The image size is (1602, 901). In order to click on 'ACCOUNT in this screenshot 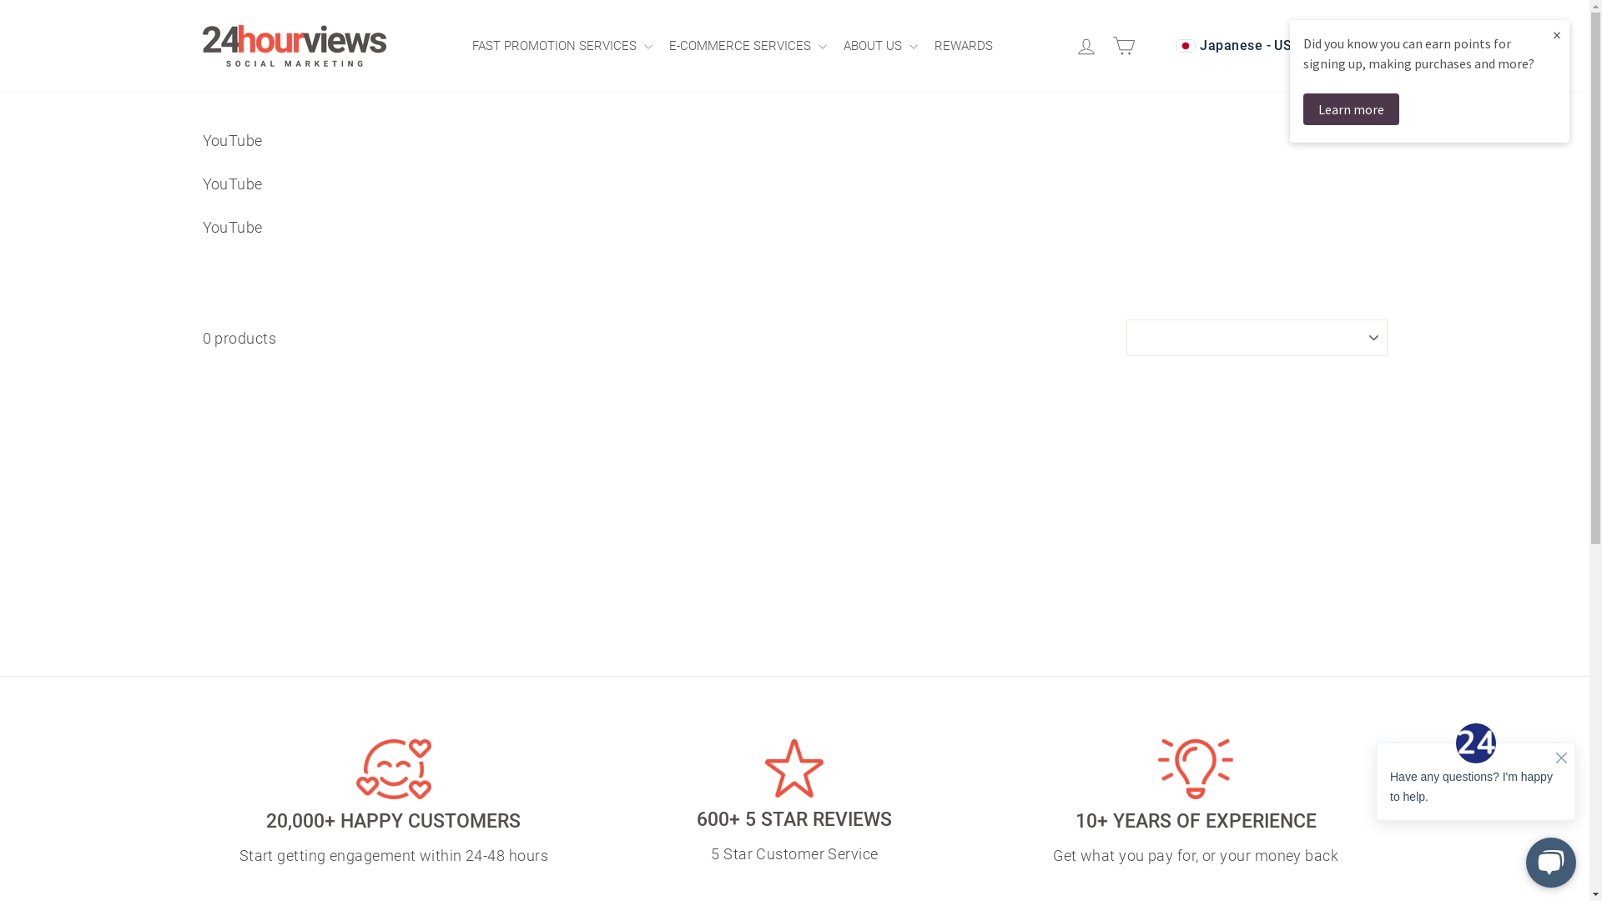, I will do `click(1089, 45)`.